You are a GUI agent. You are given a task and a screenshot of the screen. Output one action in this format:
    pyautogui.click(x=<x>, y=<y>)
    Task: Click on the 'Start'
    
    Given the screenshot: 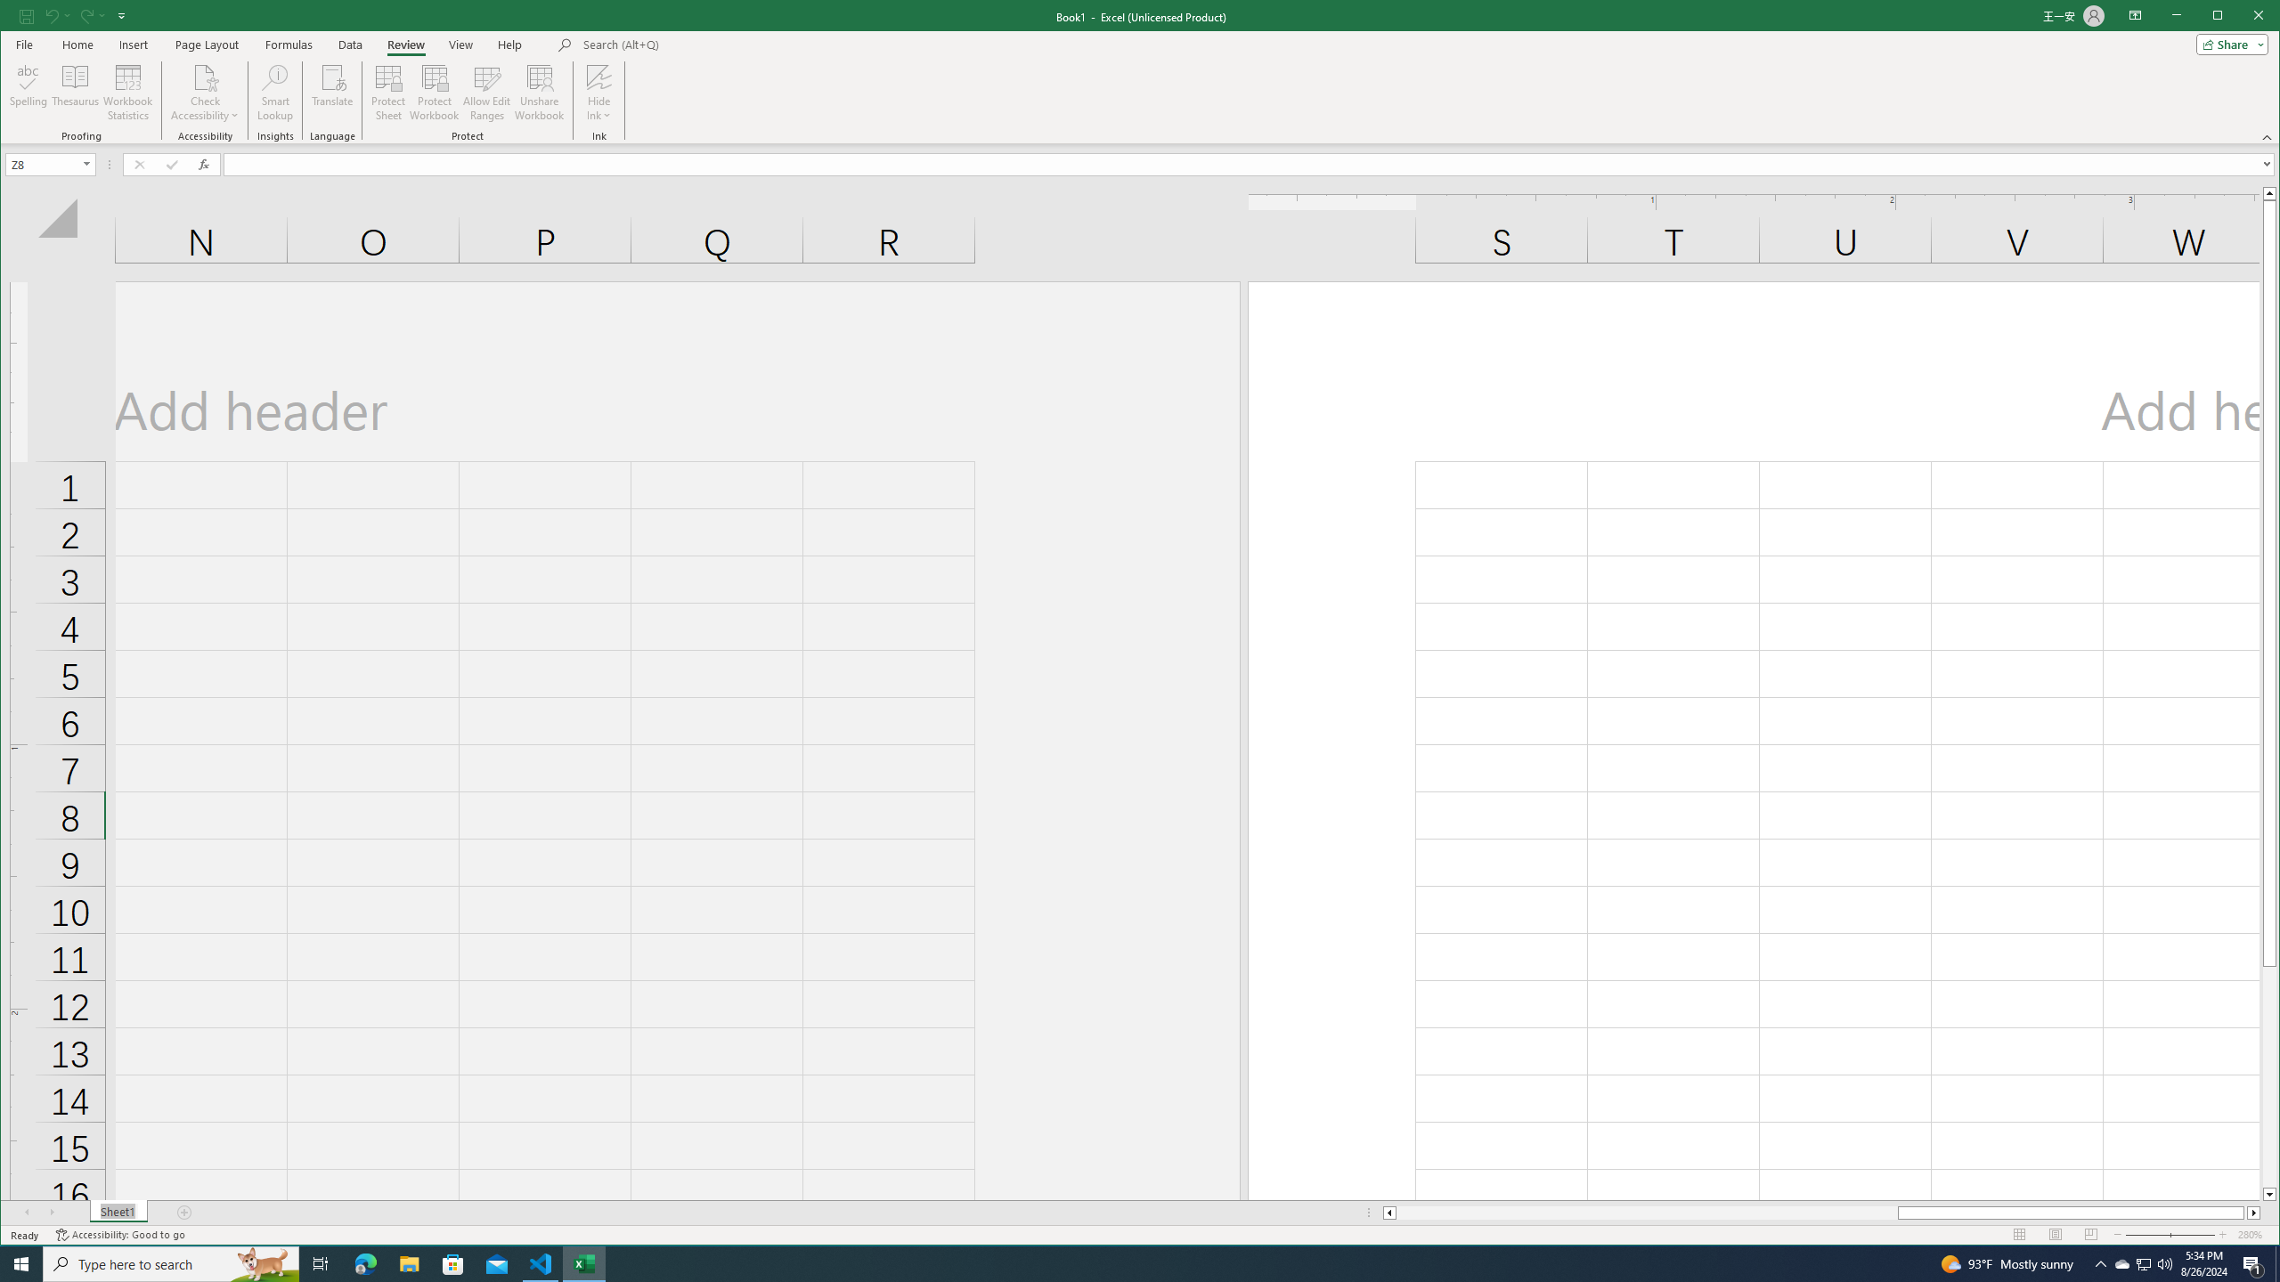 What is the action you would take?
    pyautogui.click(x=21, y=1262)
    